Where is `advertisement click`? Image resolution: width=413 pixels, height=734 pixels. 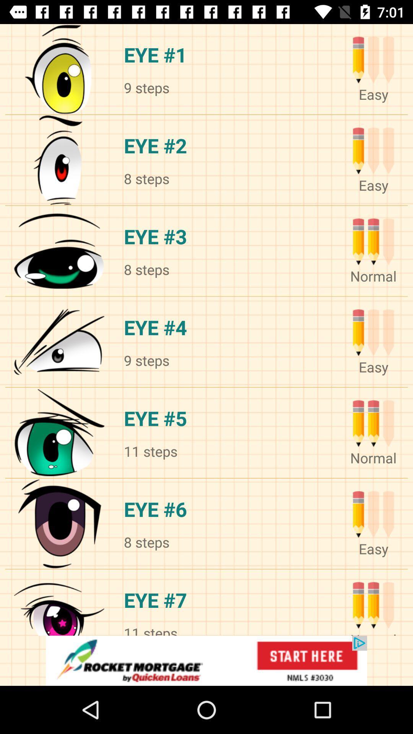 advertisement click is located at coordinates (206, 660).